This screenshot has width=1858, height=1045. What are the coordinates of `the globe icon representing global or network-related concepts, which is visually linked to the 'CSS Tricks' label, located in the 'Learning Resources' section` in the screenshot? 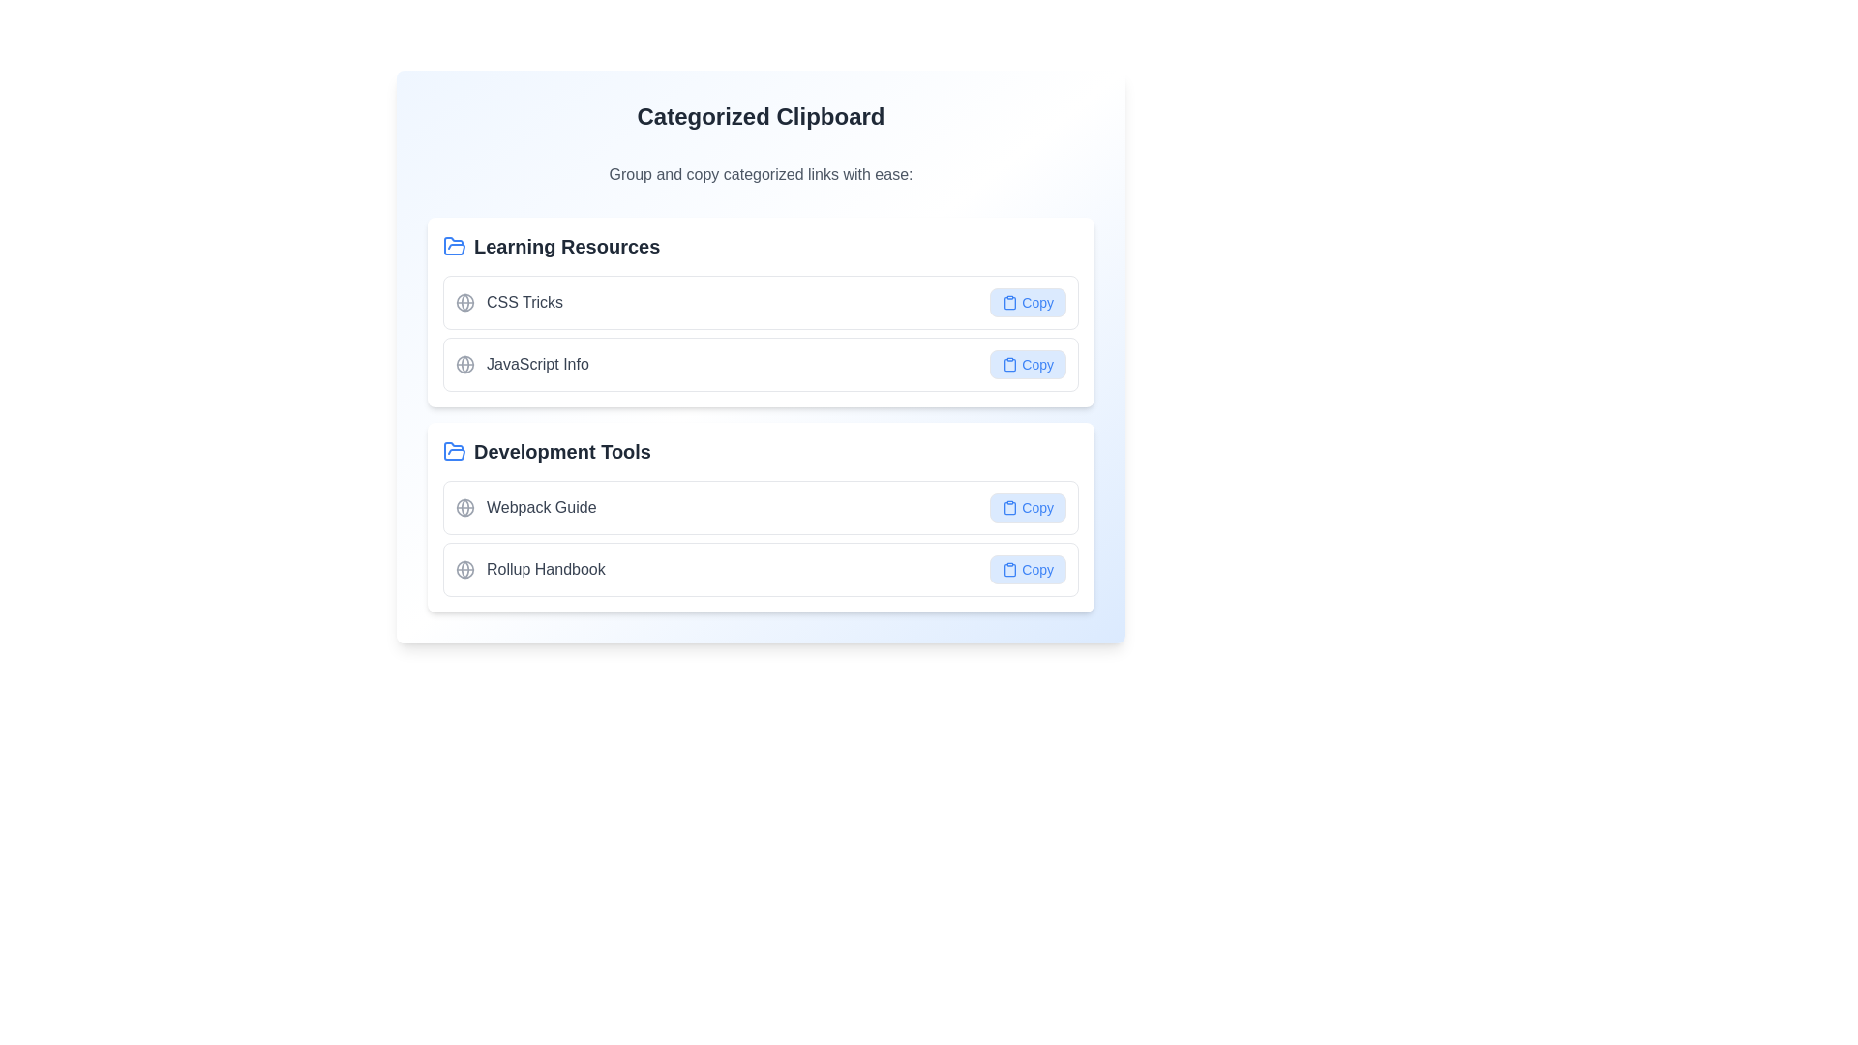 It's located at (464, 302).